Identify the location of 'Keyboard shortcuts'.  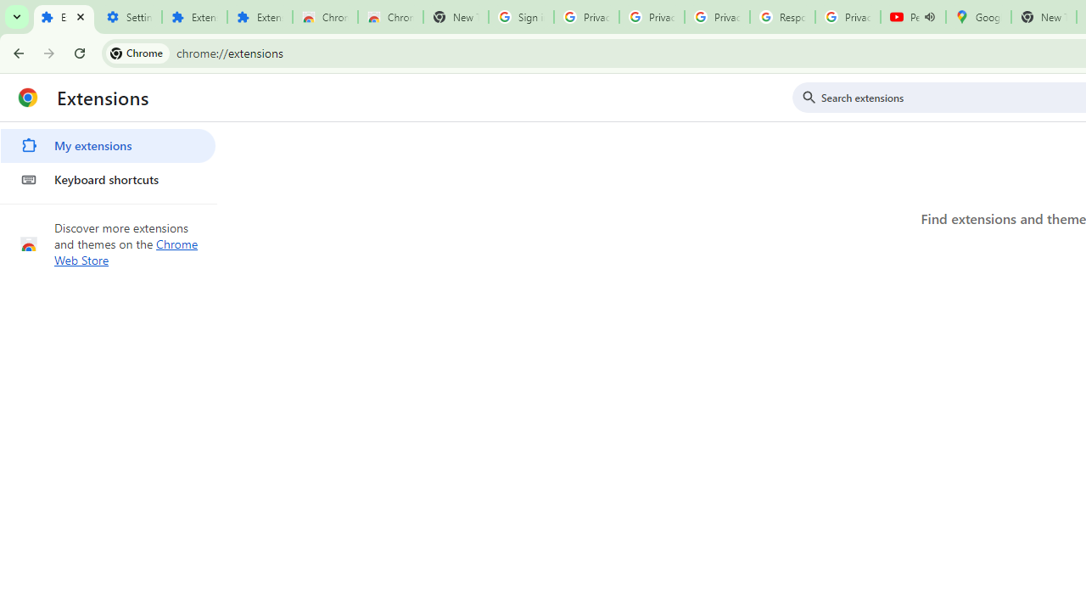
(107, 180).